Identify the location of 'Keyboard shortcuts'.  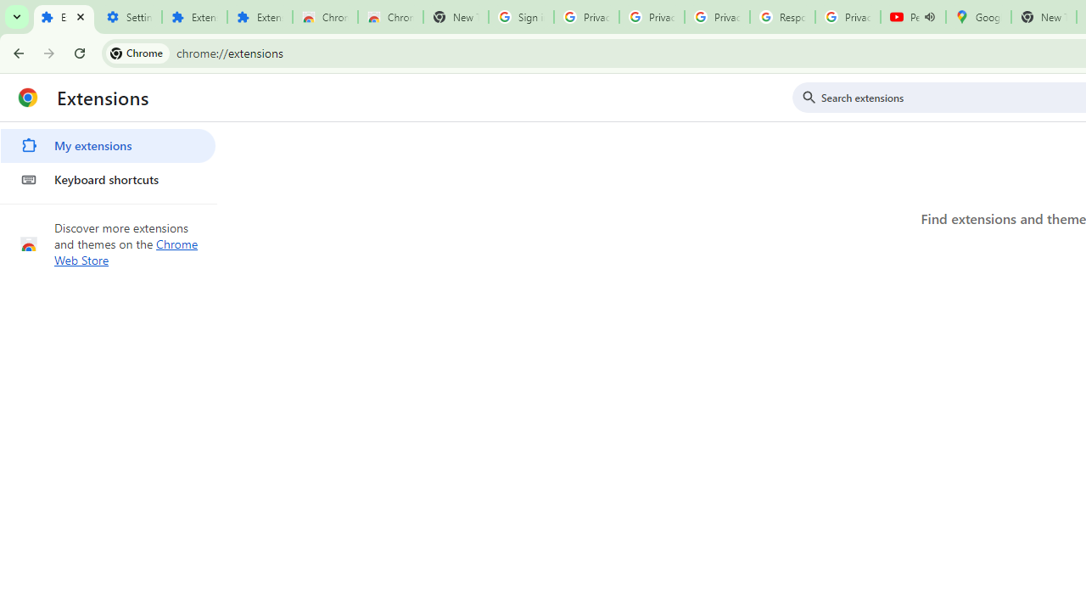
(107, 180).